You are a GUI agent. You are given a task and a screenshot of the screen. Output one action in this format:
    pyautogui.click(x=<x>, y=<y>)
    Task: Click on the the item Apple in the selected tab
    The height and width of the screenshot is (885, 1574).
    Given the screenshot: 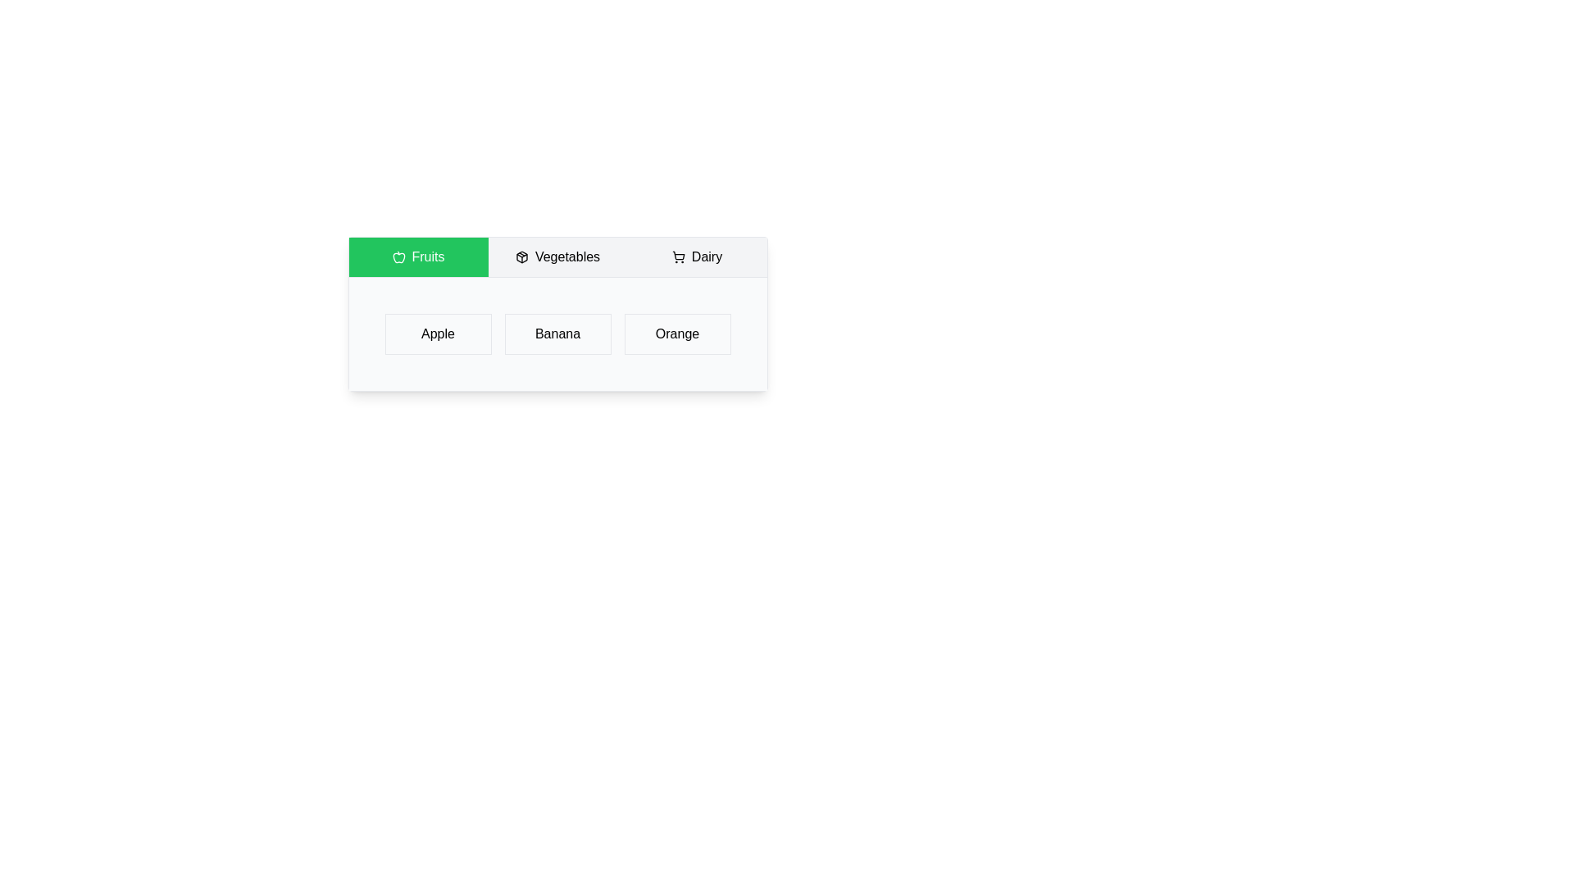 What is the action you would take?
    pyautogui.click(x=438, y=334)
    